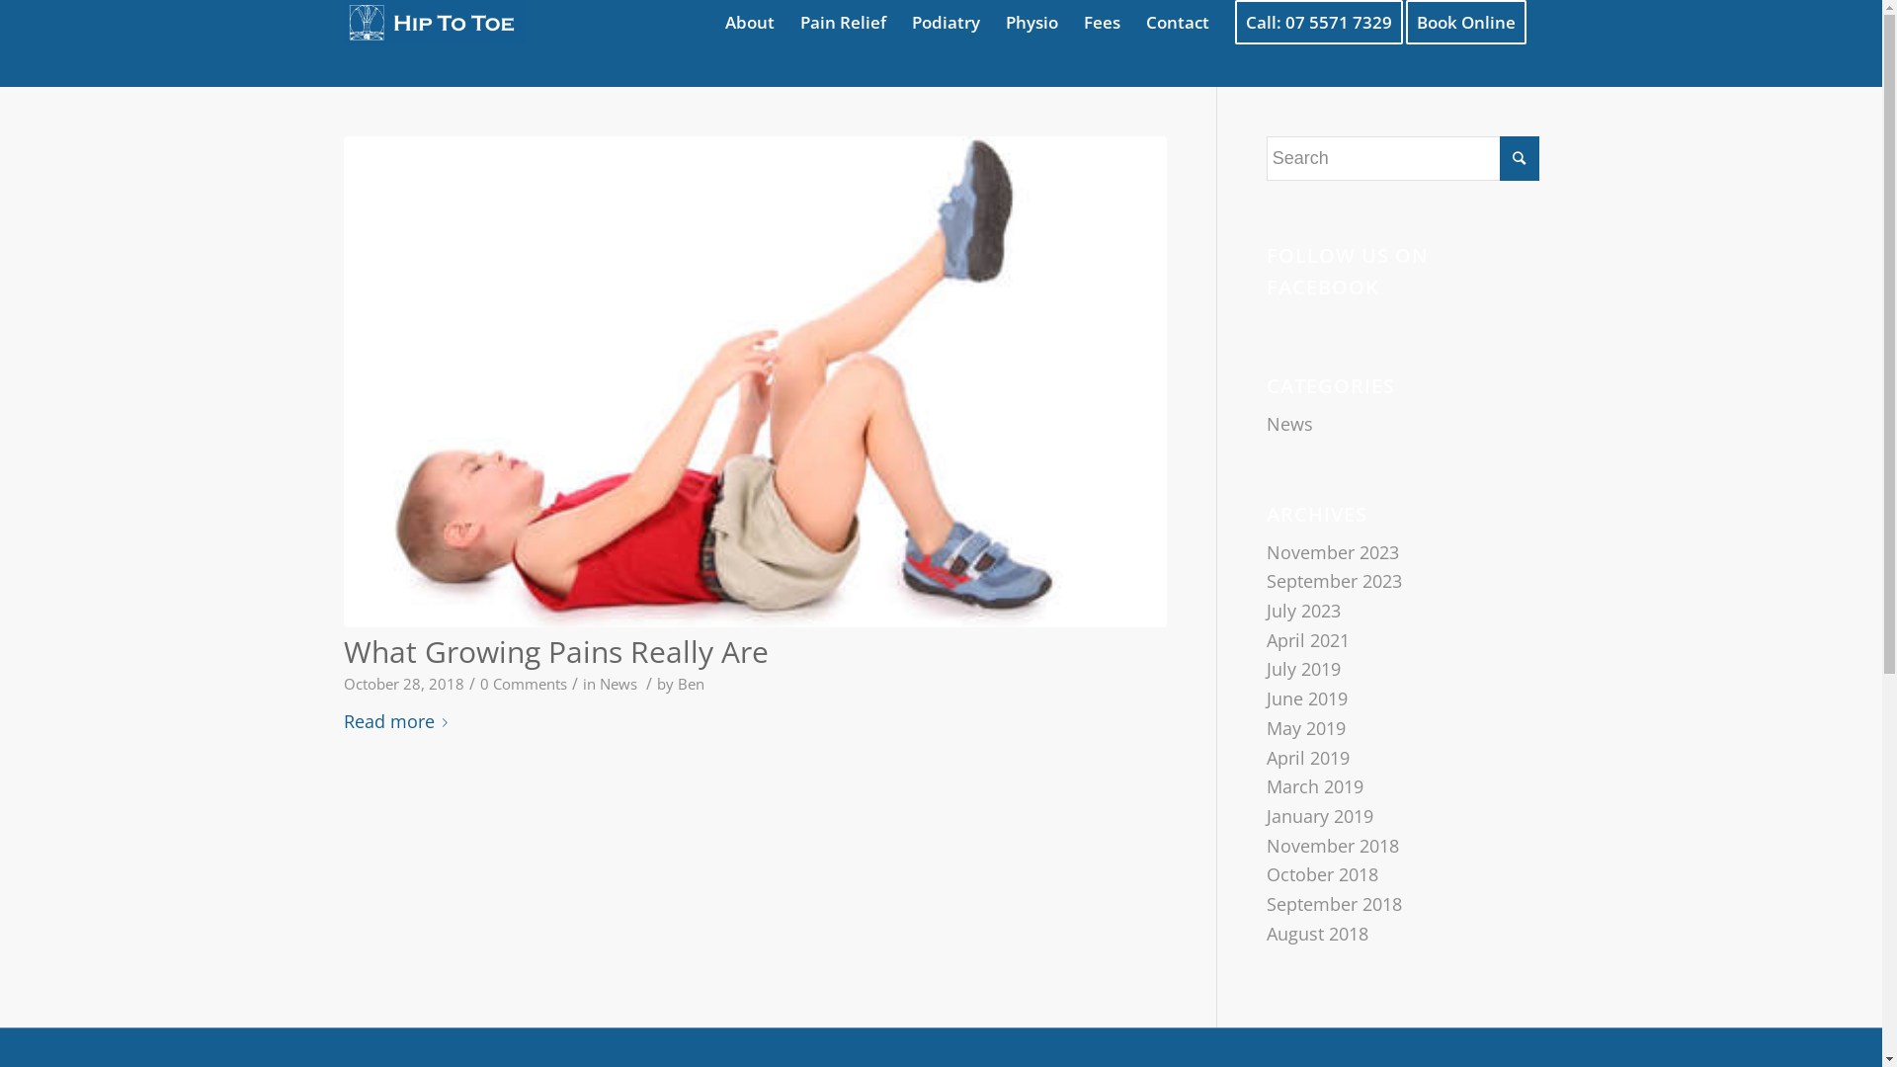 Image resolution: width=1897 pixels, height=1067 pixels. I want to click on 'Ben', so click(691, 682).